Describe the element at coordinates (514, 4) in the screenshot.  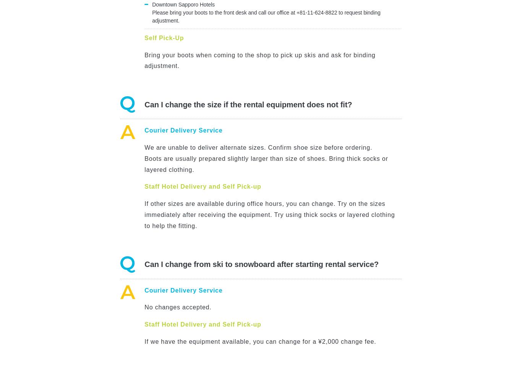
I see `'TOP'` at that location.